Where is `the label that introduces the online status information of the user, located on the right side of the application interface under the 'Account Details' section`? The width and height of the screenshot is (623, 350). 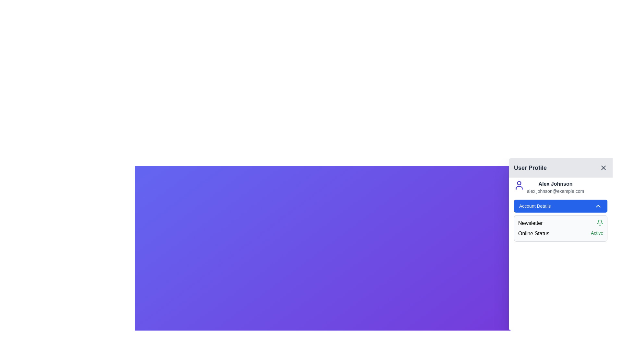
the label that introduces the online status information of the user, located on the right side of the application interface under the 'Account Details' section is located at coordinates (534, 234).